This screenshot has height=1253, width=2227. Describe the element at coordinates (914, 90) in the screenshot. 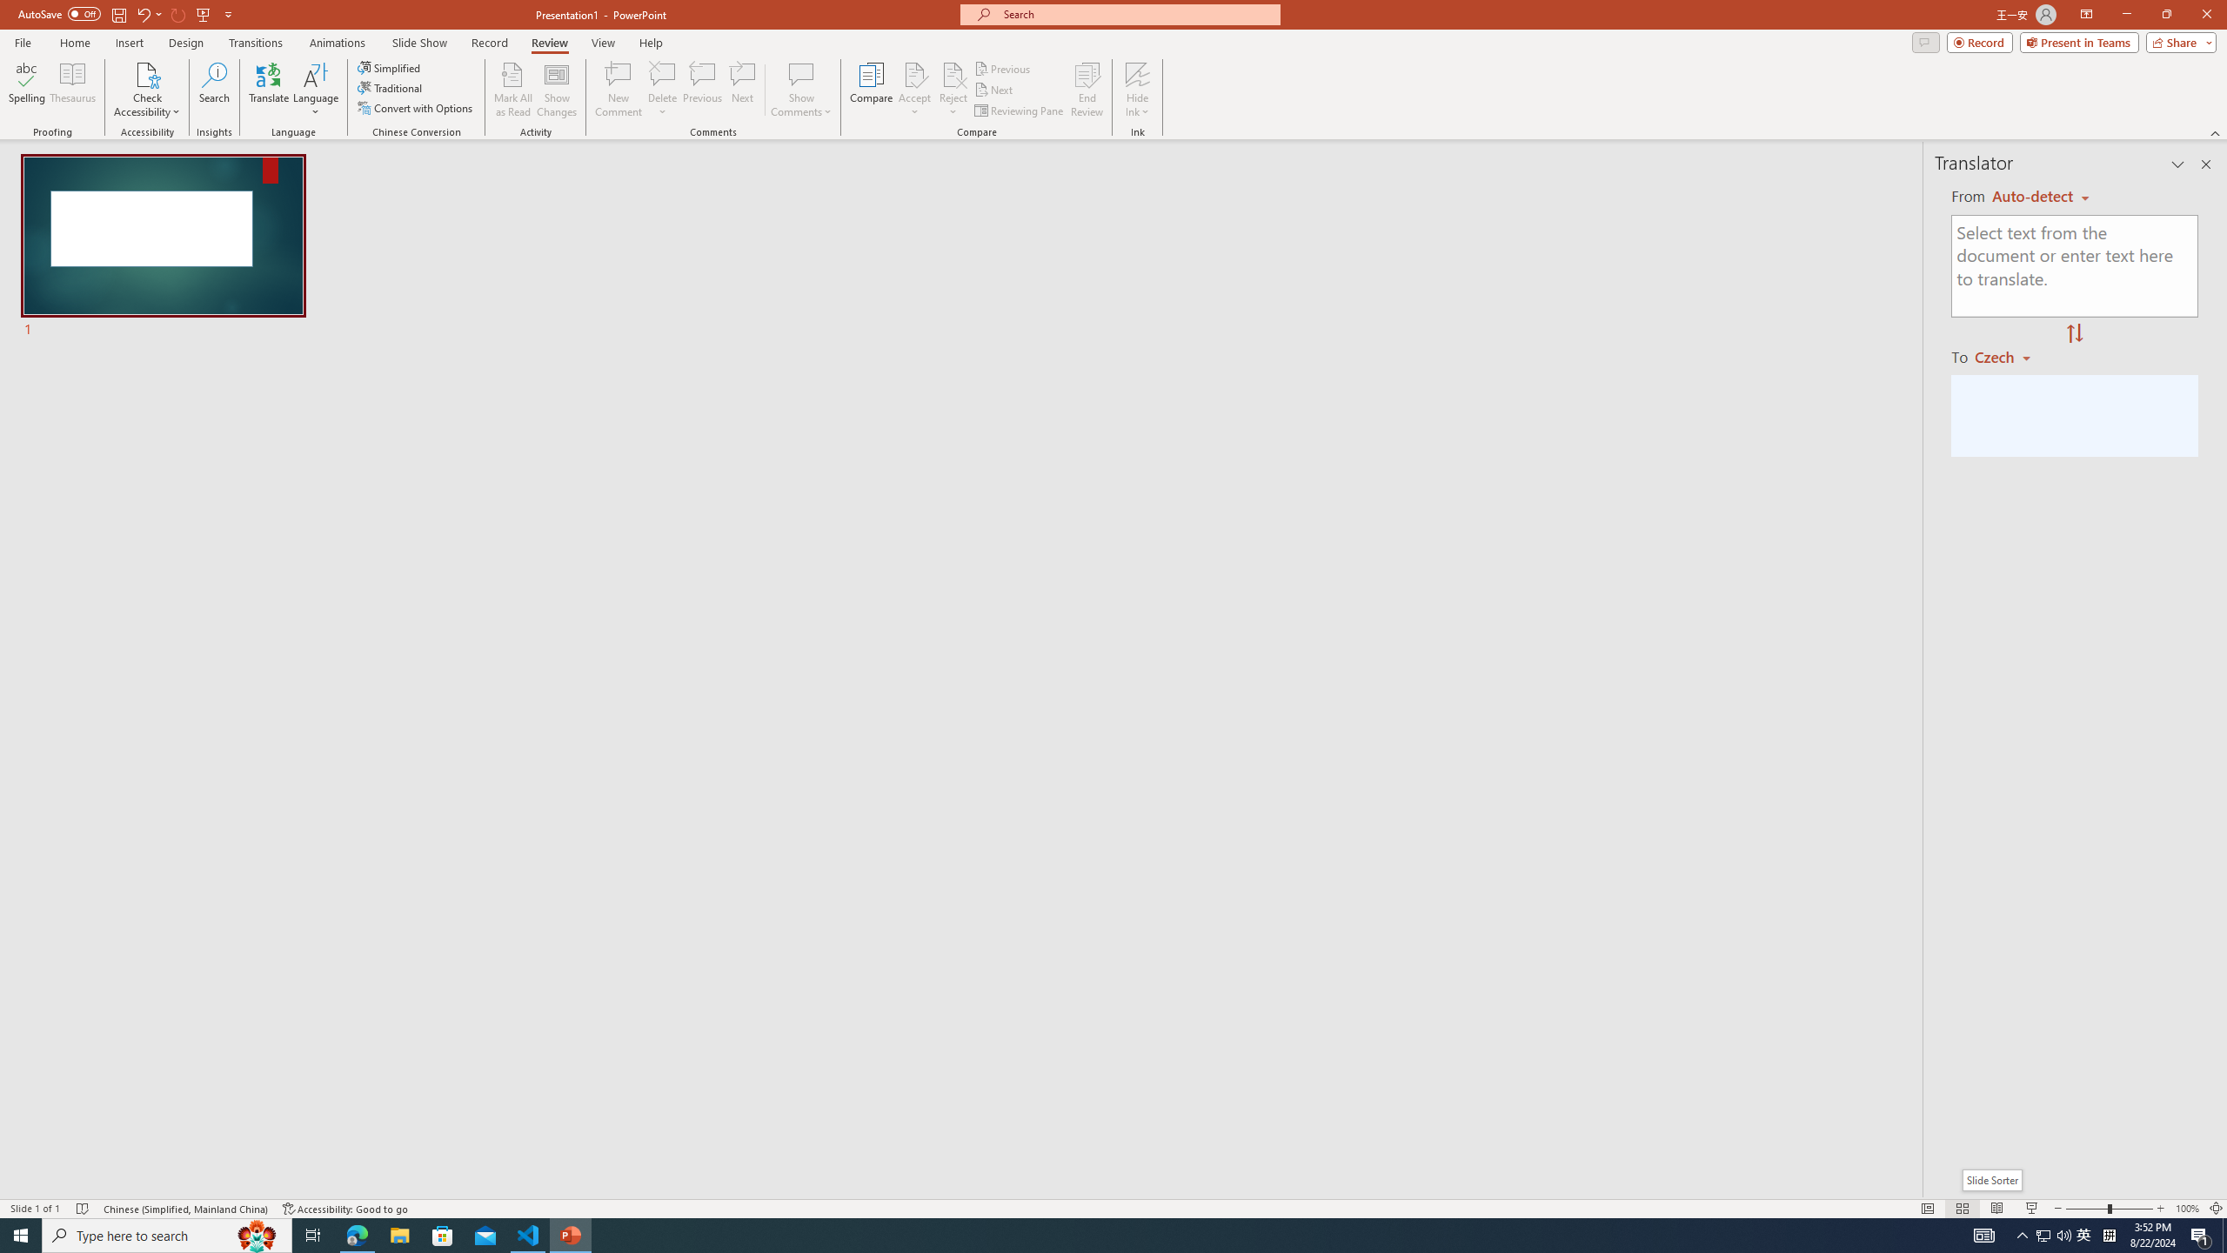

I see `'Accept'` at that location.